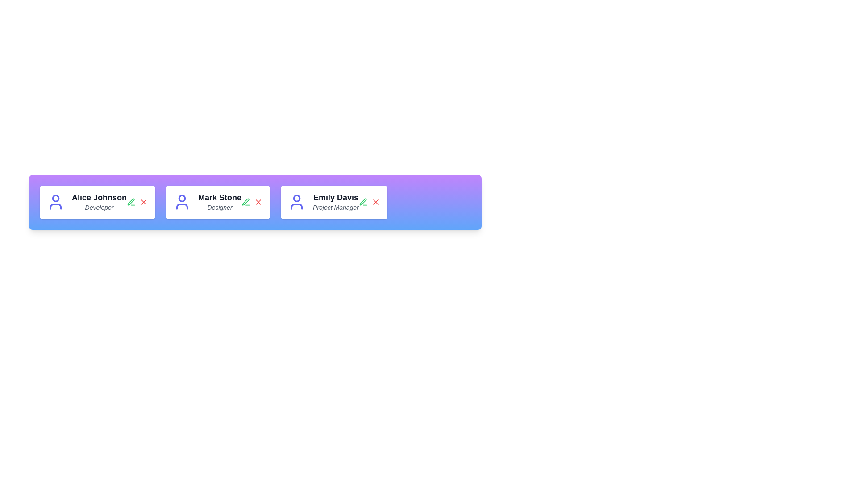 This screenshot has height=482, width=857. What do you see at coordinates (258, 202) in the screenshot?
I see `the delete button of the profile card corresponding to Mark Stone` at bounding box center [258, 202].